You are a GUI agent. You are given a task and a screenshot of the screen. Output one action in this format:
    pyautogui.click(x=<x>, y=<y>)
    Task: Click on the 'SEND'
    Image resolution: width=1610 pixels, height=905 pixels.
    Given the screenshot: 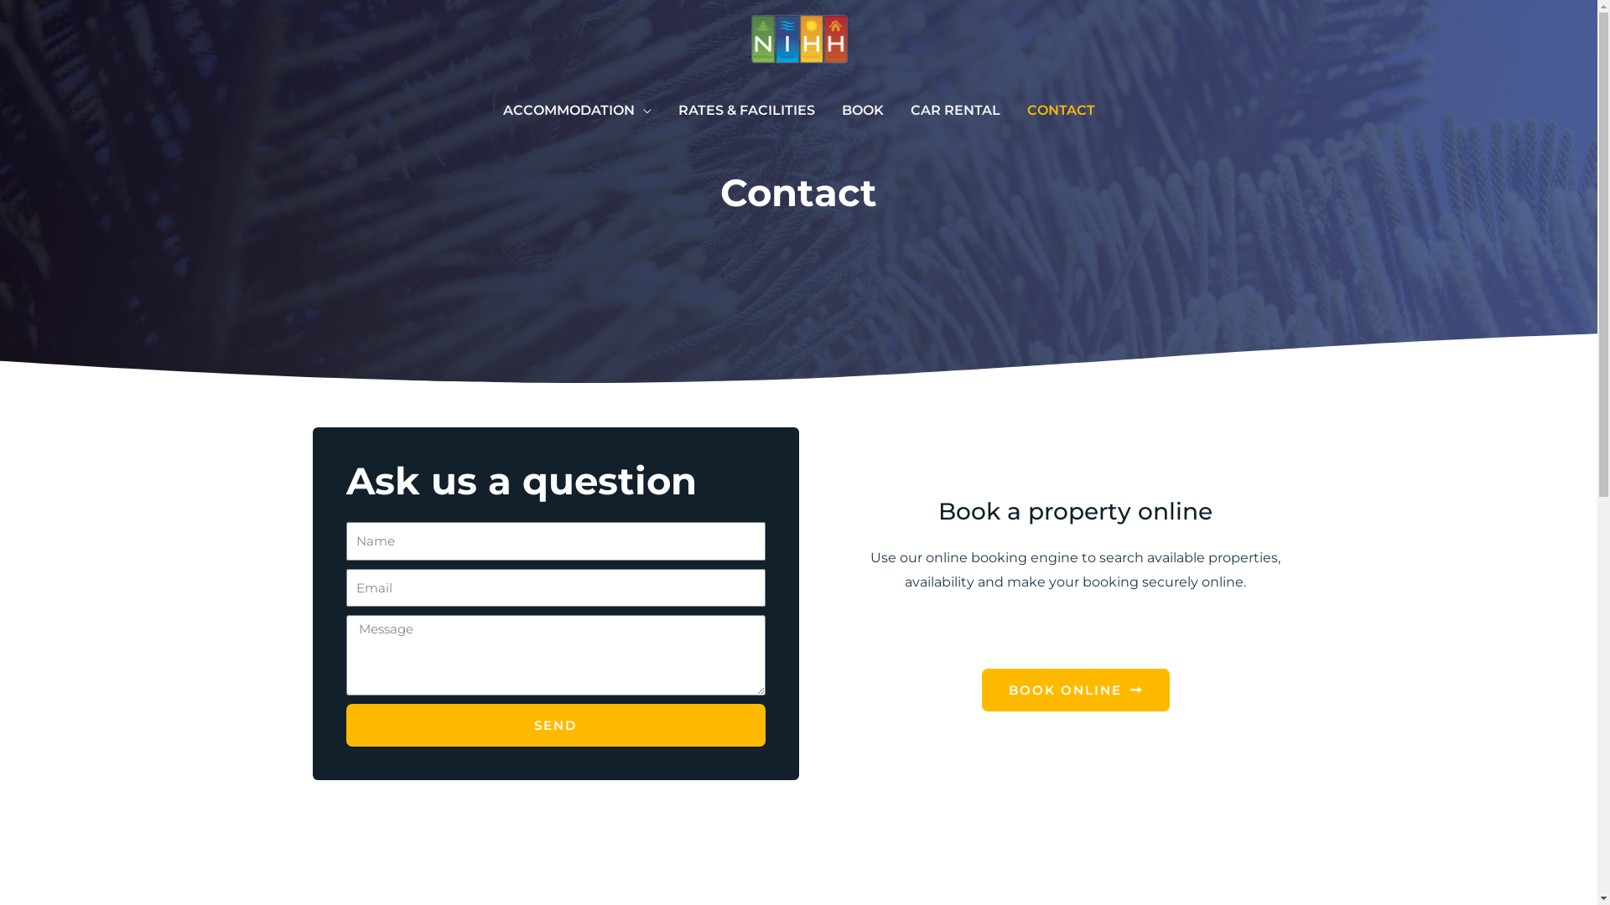 What is the action you would take?
    pyautogui.click(x=555, y=724)
    